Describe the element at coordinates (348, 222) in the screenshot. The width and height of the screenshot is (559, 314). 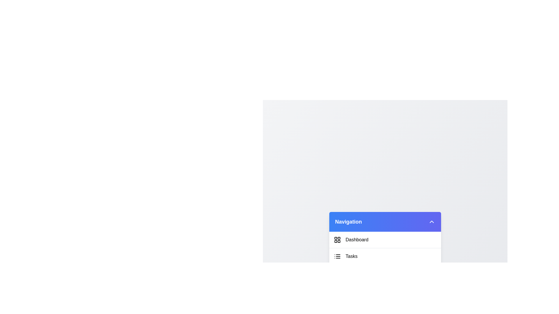
I see `the title text 'Navigation' to interact with it` at that location.